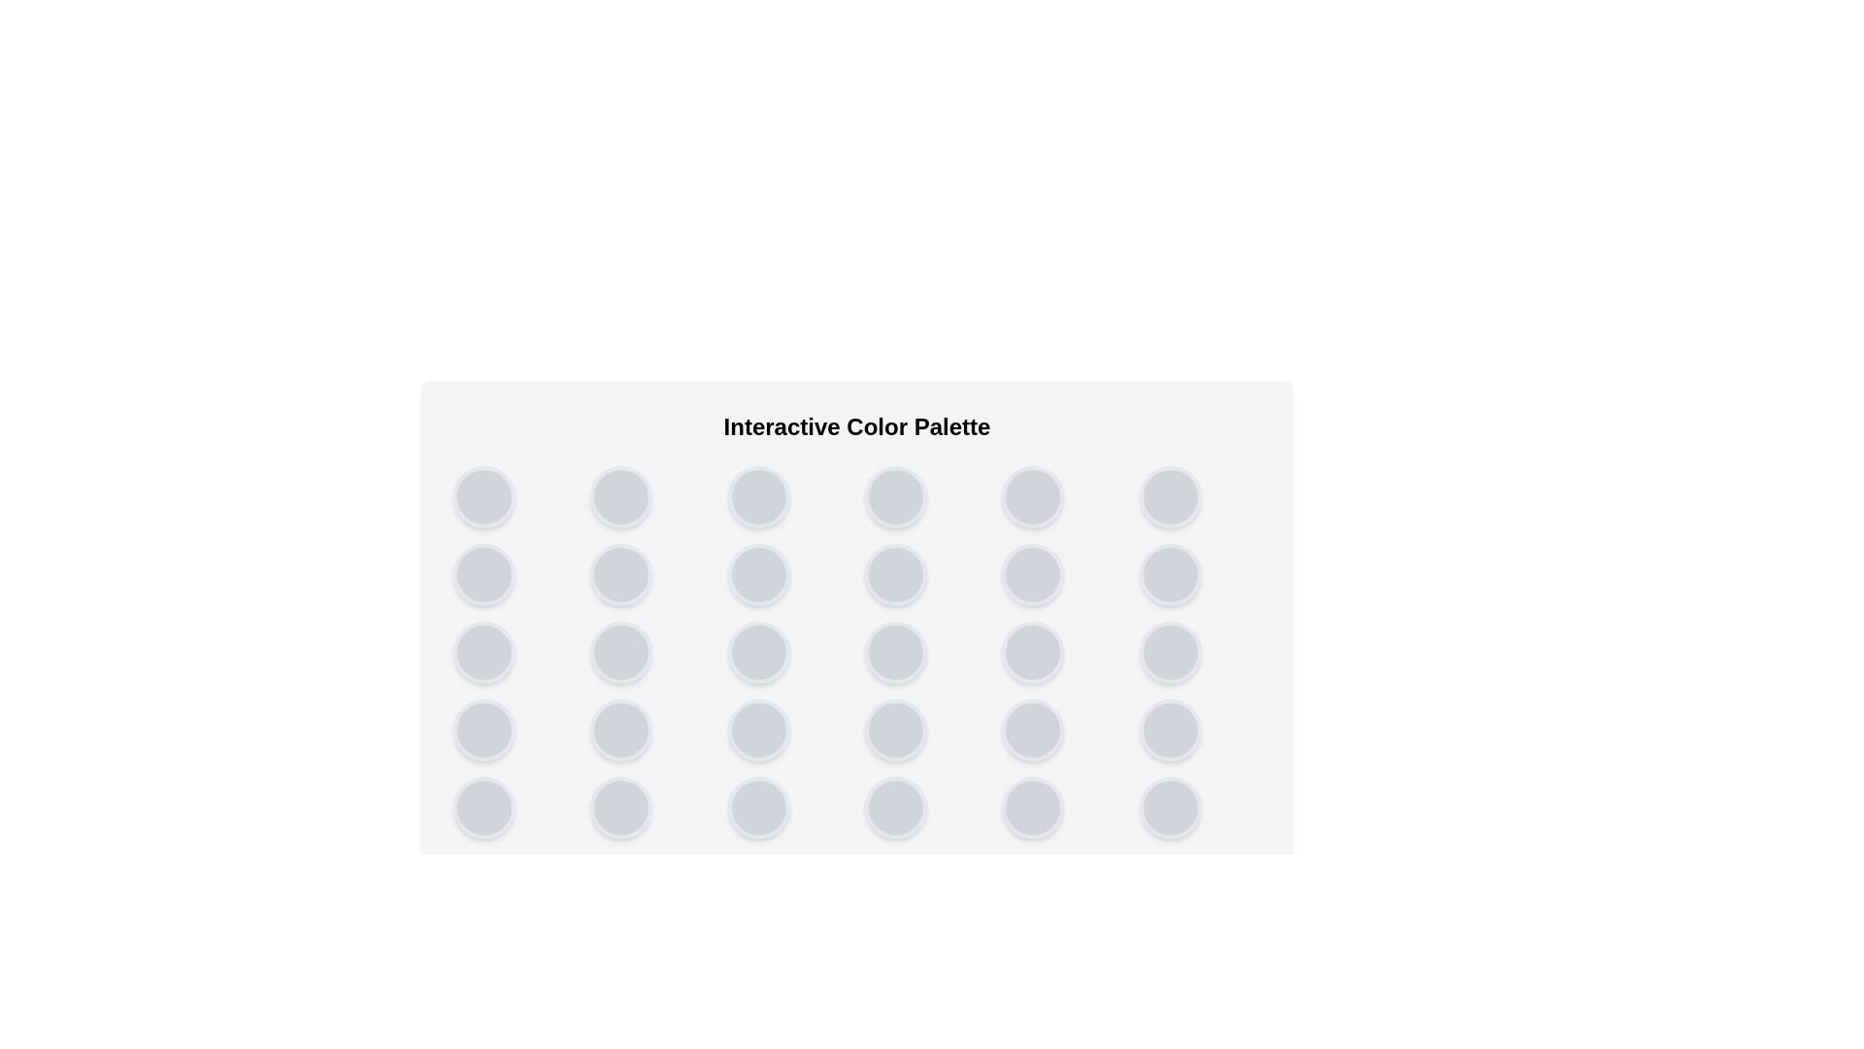 This screenshot has height=1049, width=1864. What do you see at coordinates (856, 425) in the screenshot?
I see `the title text and describe its layout and position` at bounding box center [856, 425].